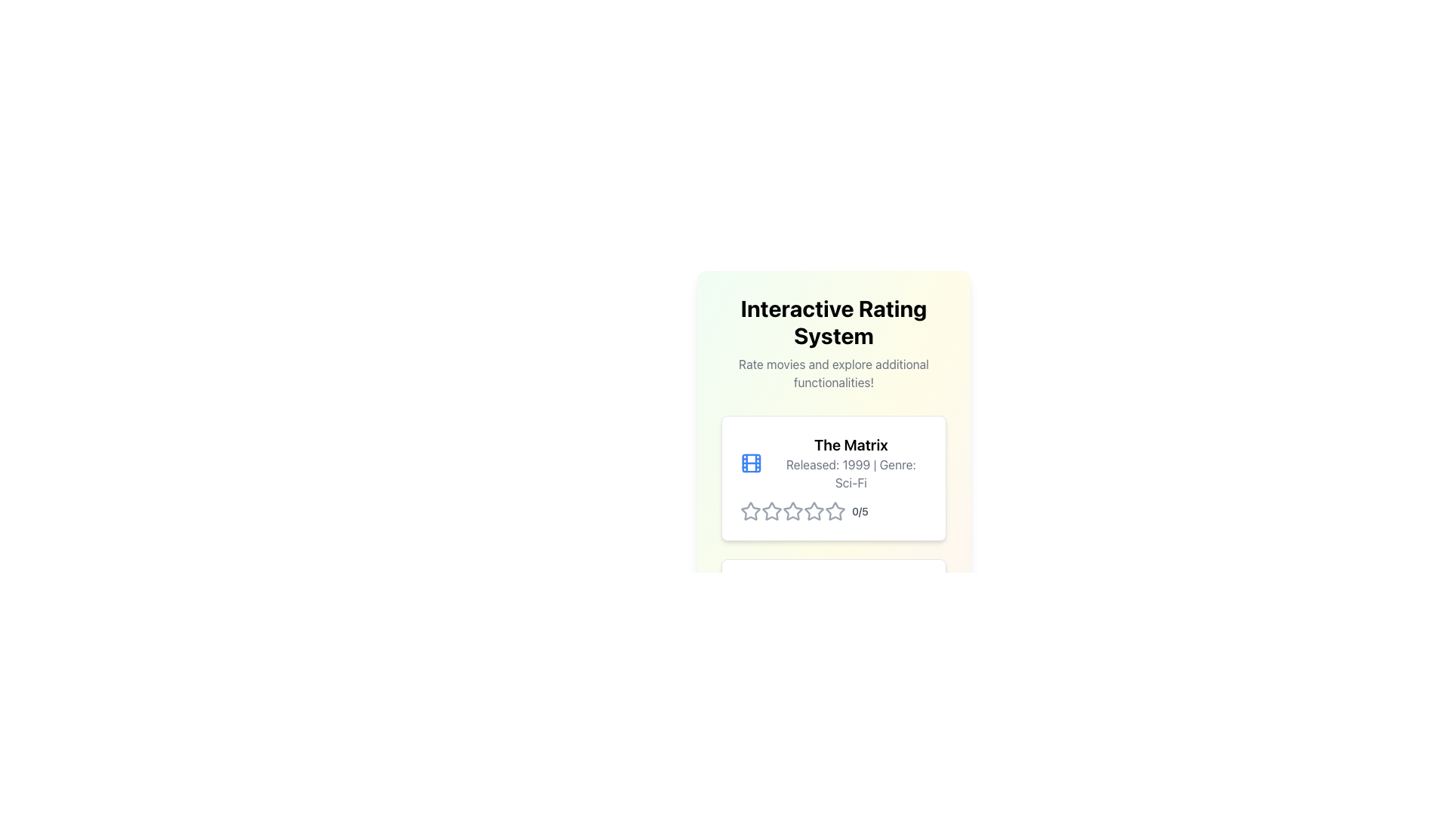  What do you see at coordinates (860, 511) in the screenshot?
I see `the text element that displays the current rating for a movie, which indicates no stars have been selected out of five, located at the far right of a row of five star icons in the rating section of a movie card` at bounding box center [860, 511].